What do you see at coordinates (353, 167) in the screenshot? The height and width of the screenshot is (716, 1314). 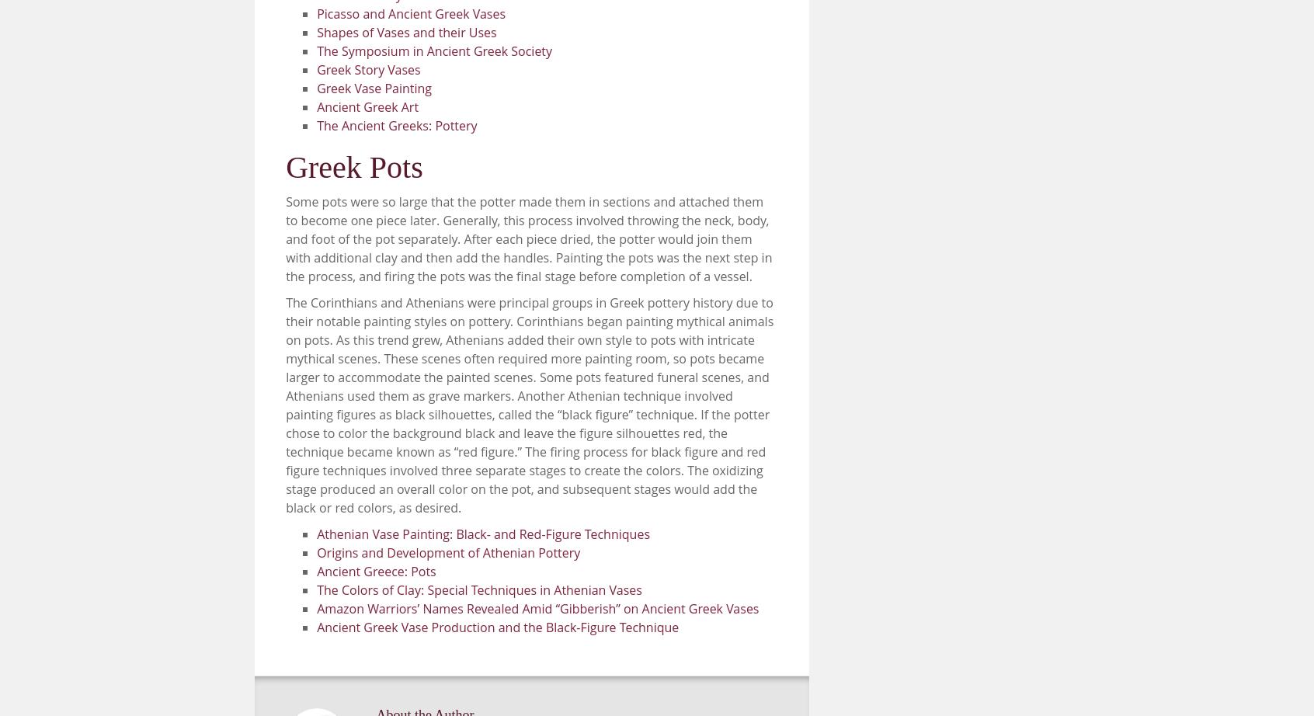 I see `'Greek Pots'` at bounding box center [353, 167].